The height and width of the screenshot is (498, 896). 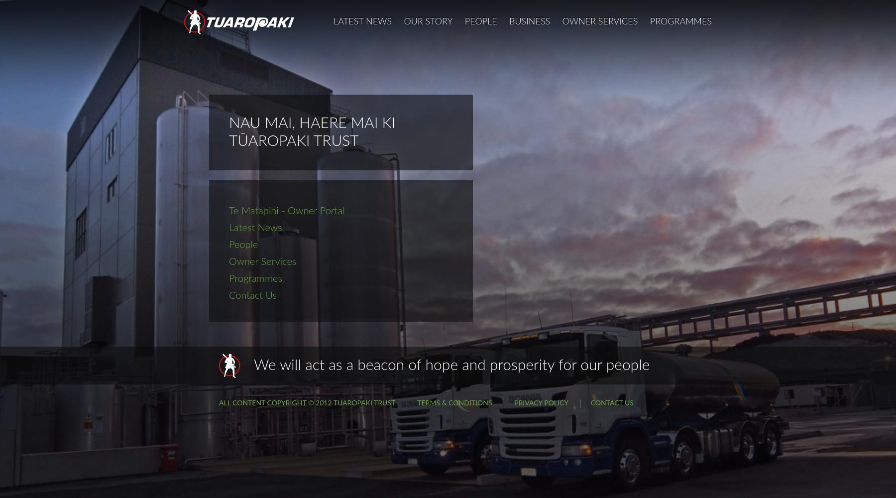 What do you see at coordinates (453, 403) in the screenshot?
I see `'Terms & Conditions'` at bounding box center [453, 403].